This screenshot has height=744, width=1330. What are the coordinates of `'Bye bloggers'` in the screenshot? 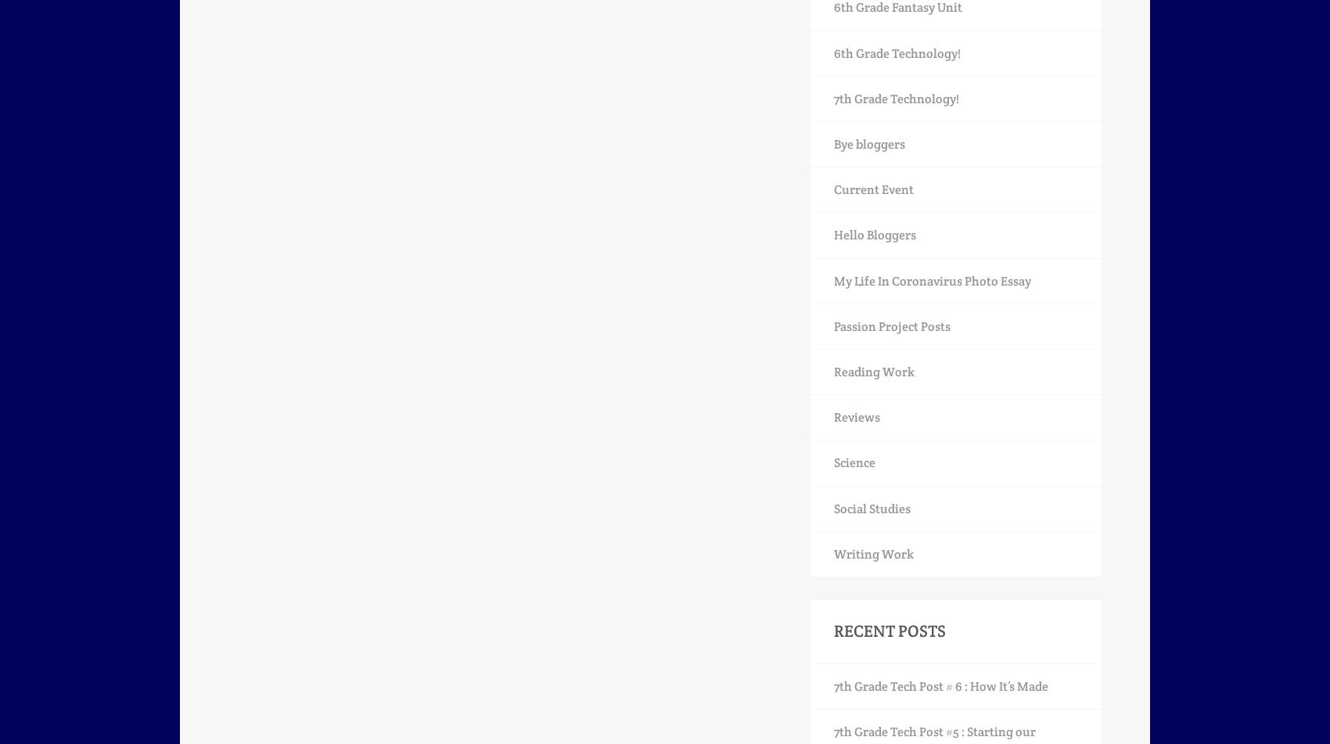 It's located at (869, 144).